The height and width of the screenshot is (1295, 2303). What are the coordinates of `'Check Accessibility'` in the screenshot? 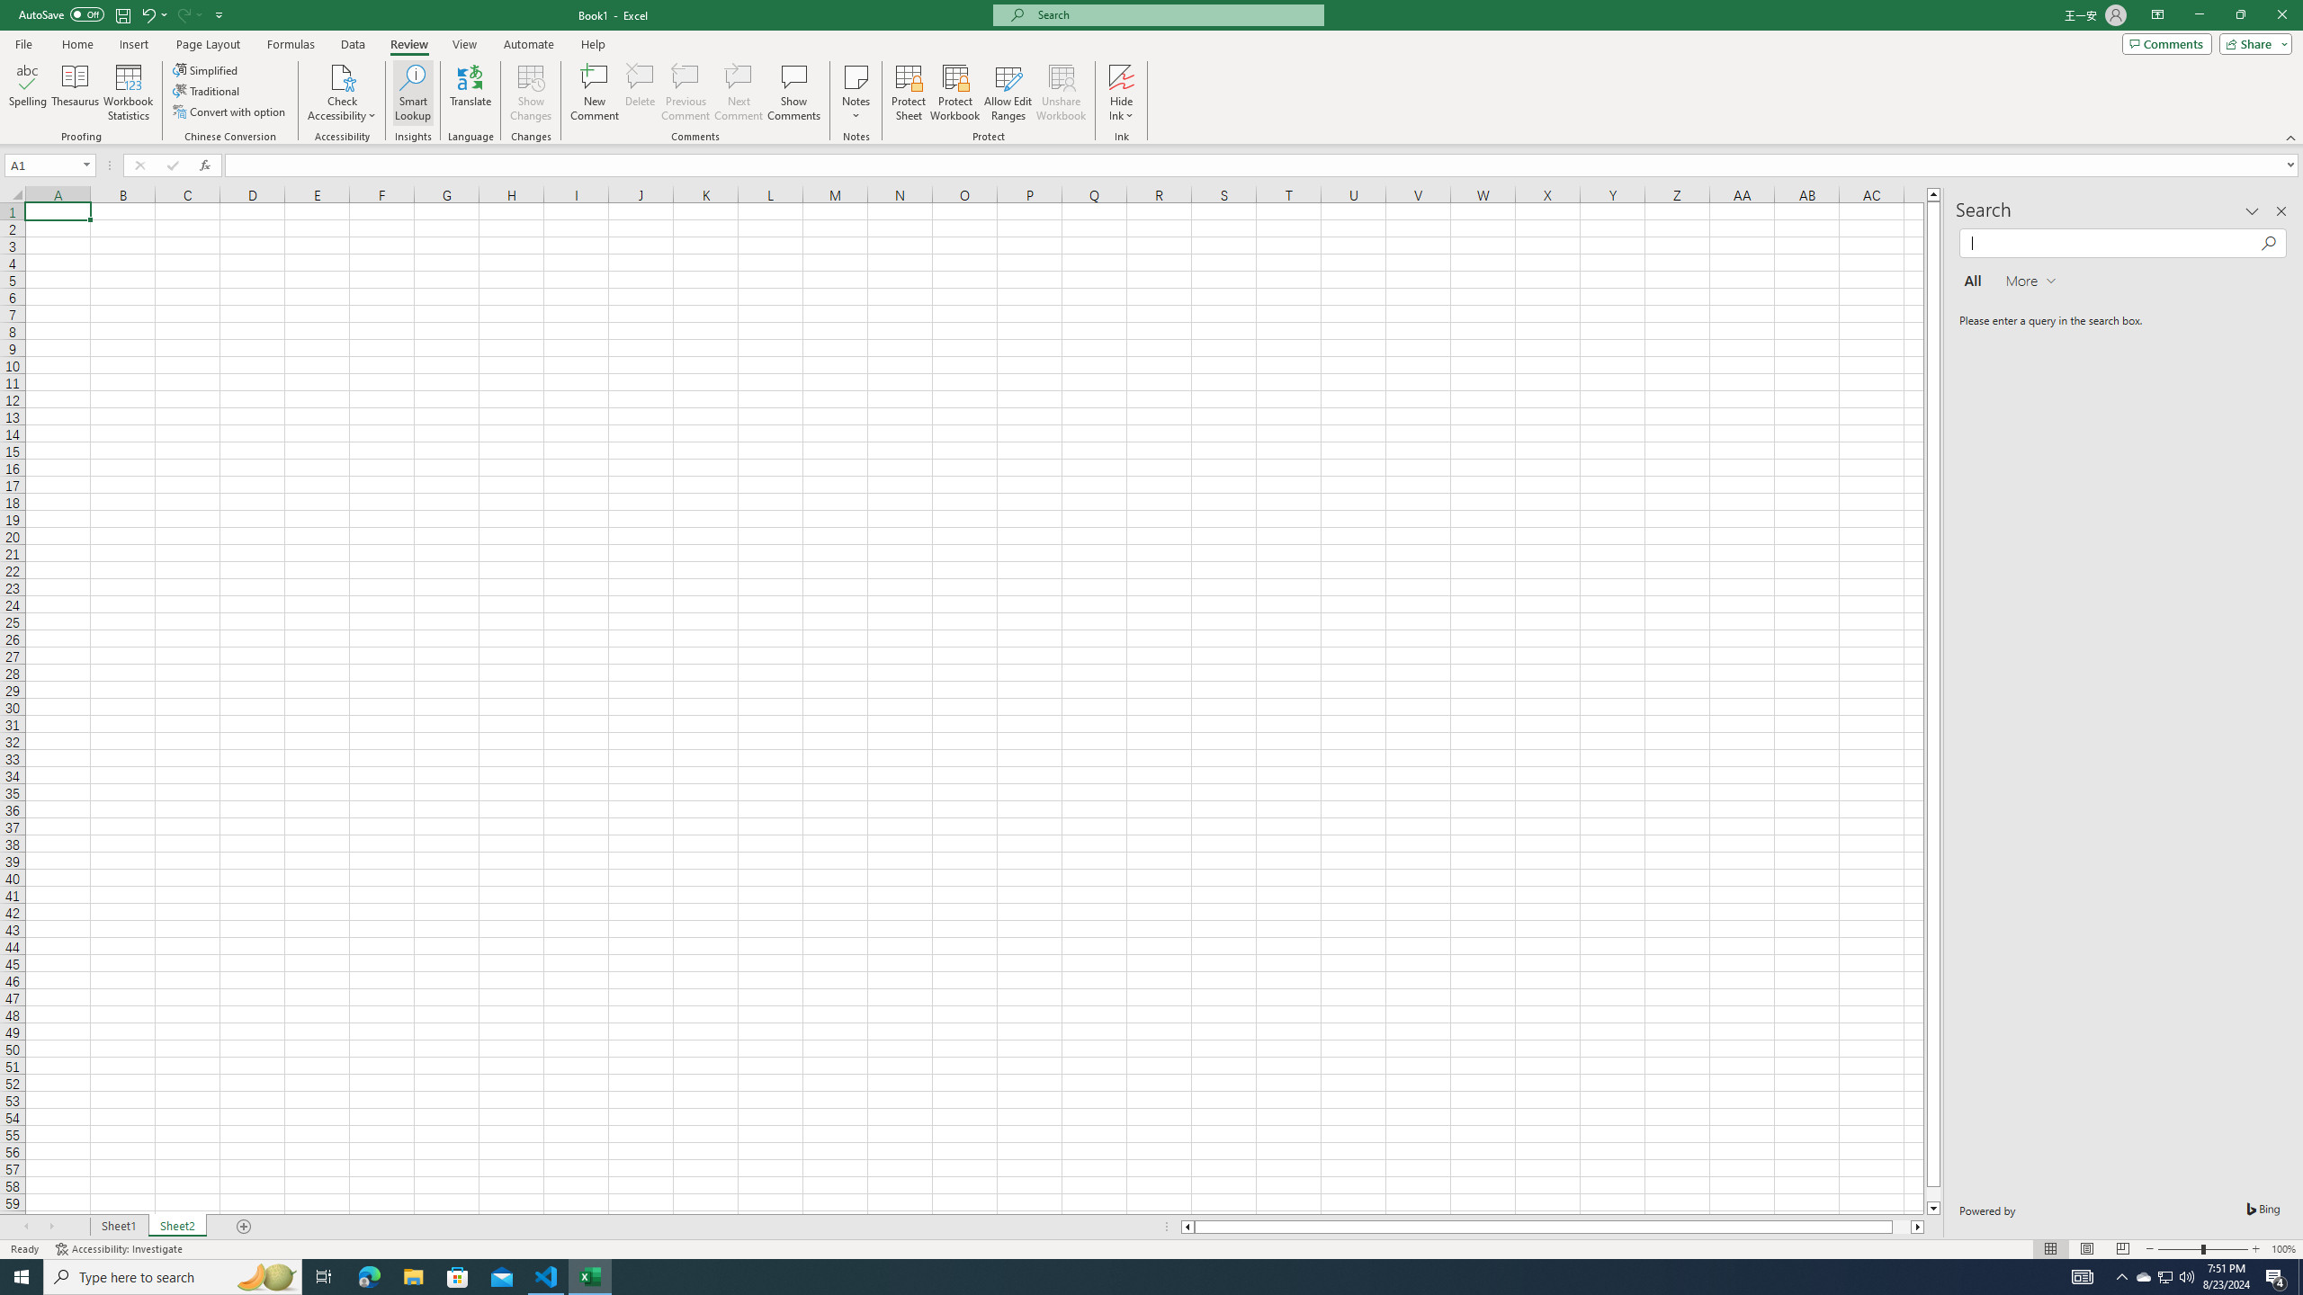 It's located at (341, 93).